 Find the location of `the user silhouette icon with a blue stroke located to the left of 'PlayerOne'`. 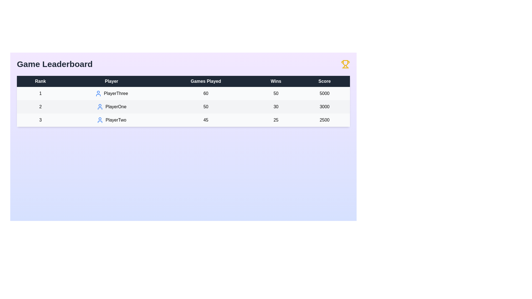

the user silhouette icon with a blue stroke located to the left of 'PlayerOne' is located at coordinates (100, 107).